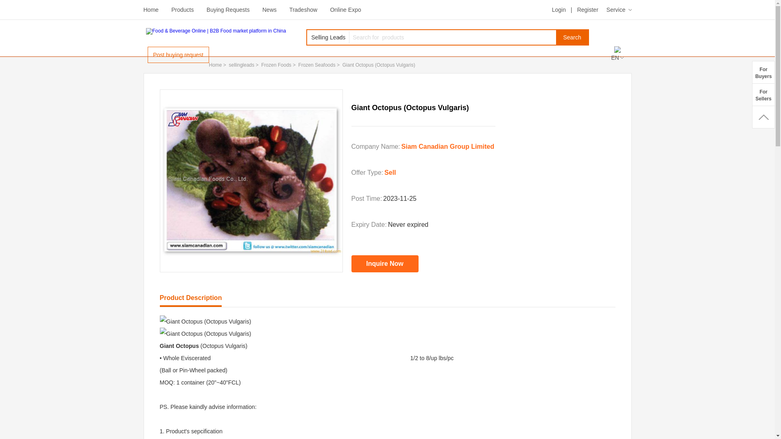  What do you see at coordinates (617, 57) in the screenshot?
I see `'EN'` at bounding box center [617, 57].